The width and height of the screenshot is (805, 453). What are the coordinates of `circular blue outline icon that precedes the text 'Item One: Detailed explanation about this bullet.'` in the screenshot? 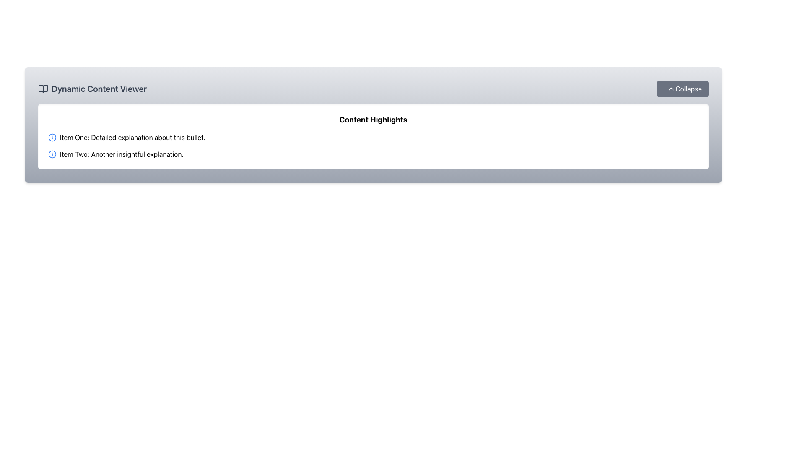 It's located at (52, 137).